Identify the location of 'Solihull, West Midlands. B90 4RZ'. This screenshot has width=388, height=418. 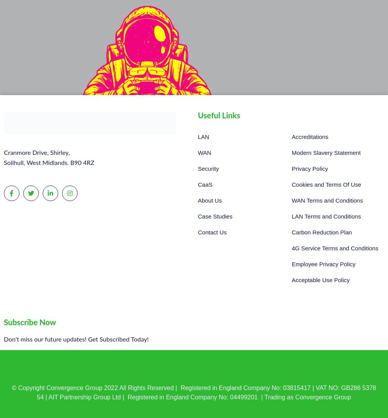
(49, 163).